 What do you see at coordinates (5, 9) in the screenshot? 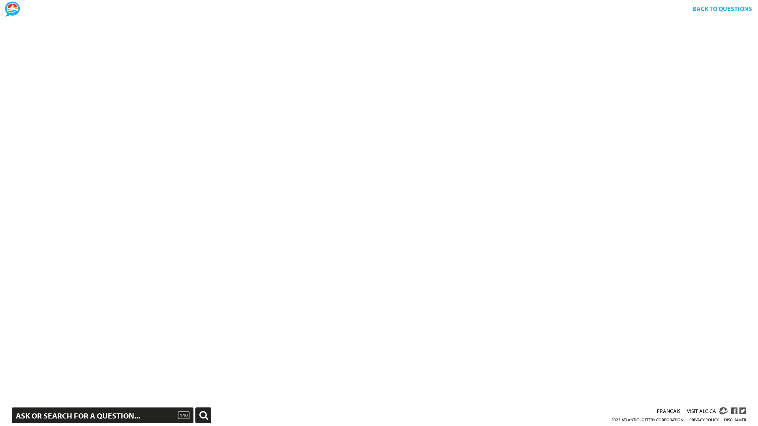
I see `'Home'` at bounding box center [5, 9].